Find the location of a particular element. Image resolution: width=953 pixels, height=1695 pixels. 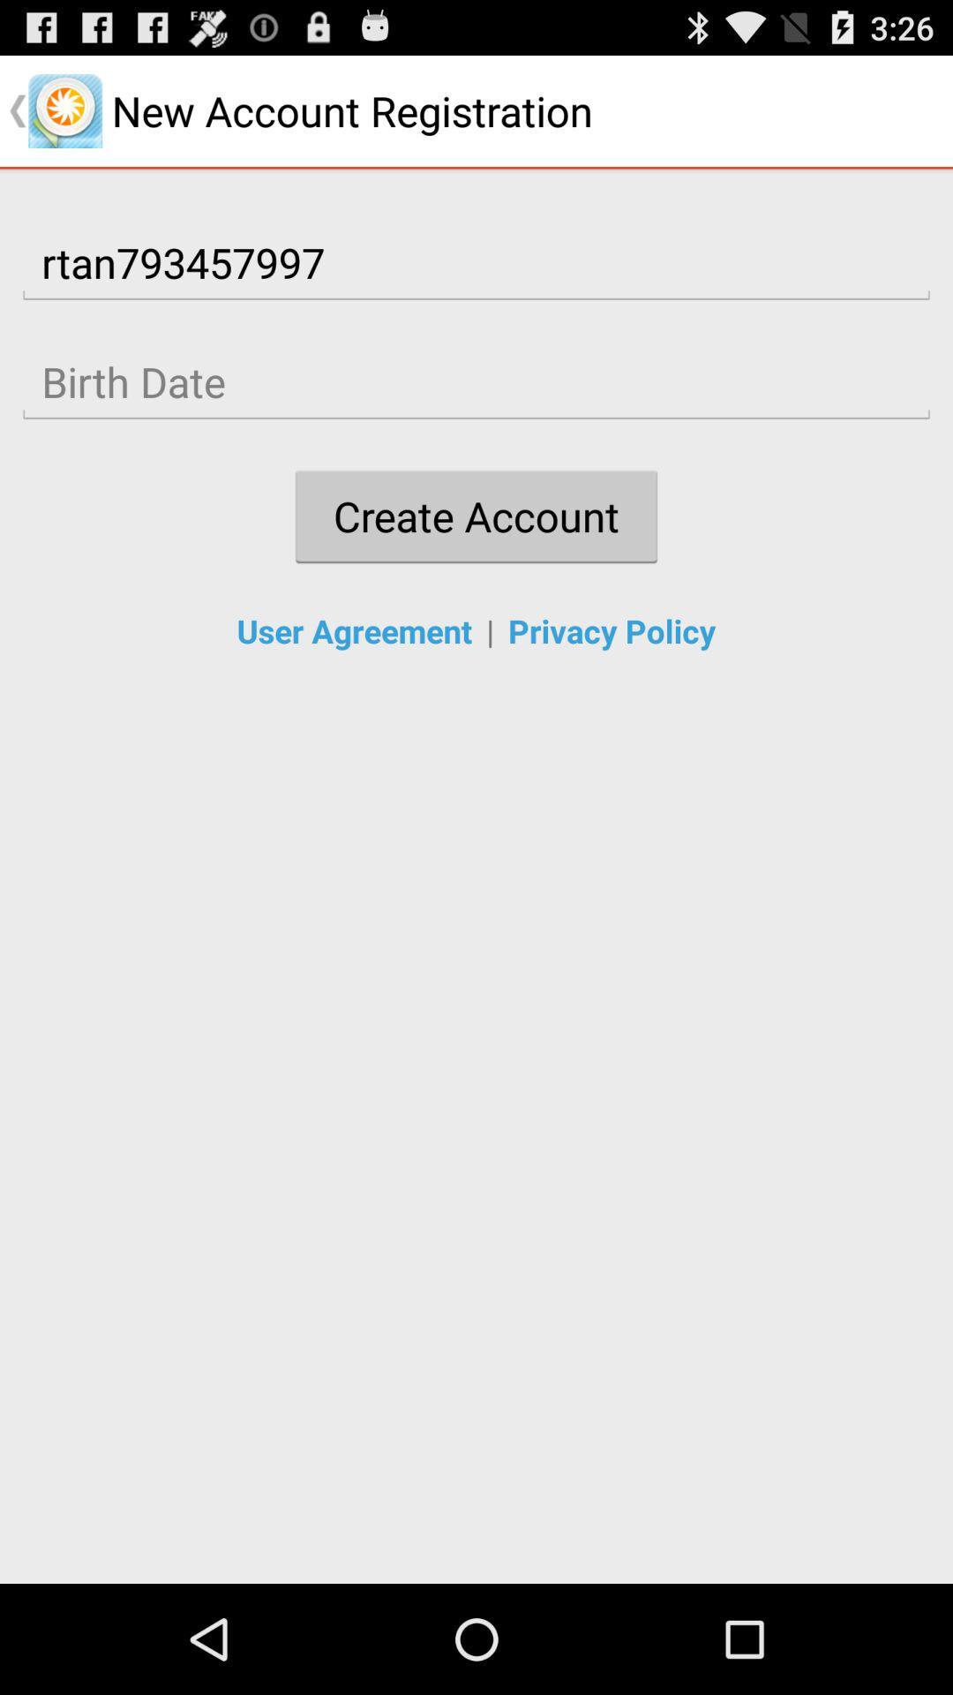

date of birth is located at coordinates (476, 381).